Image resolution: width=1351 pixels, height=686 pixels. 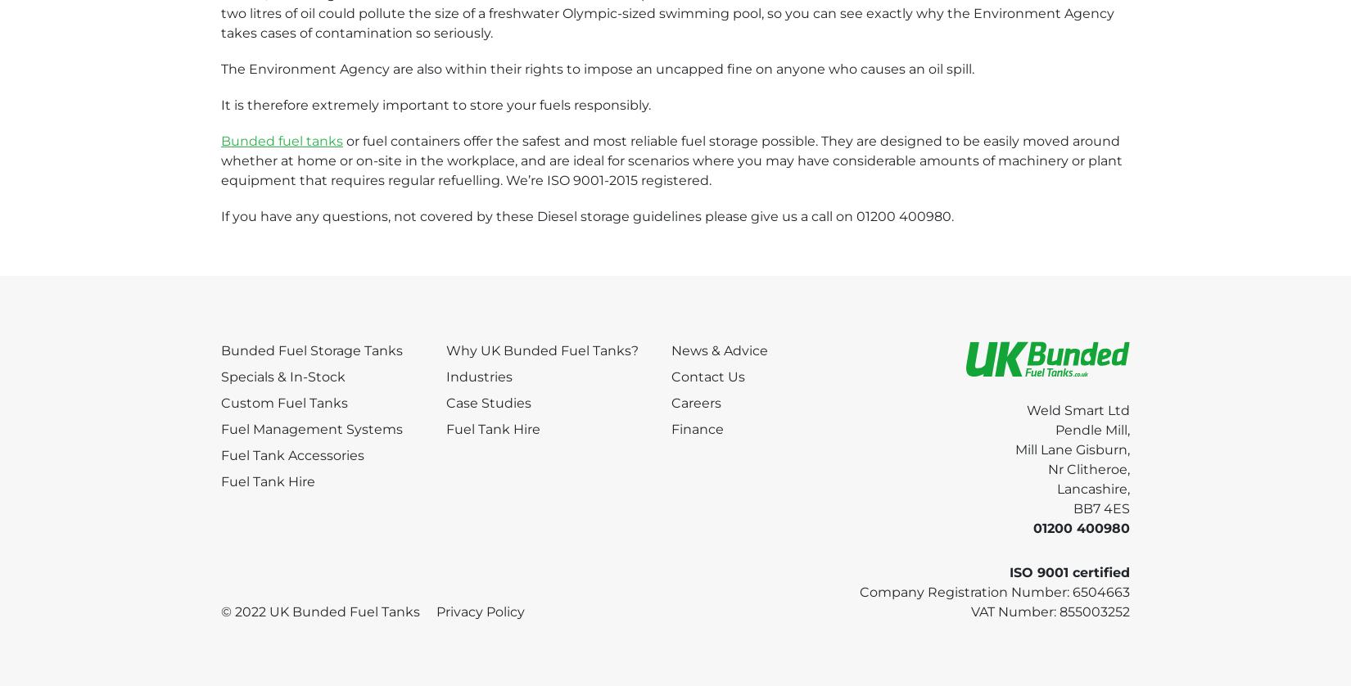 I want to click on 'If you have any questions, not covered by these Diesel storage guidelines please give us a call on 01200 400980.', so click(x=586, y=215).